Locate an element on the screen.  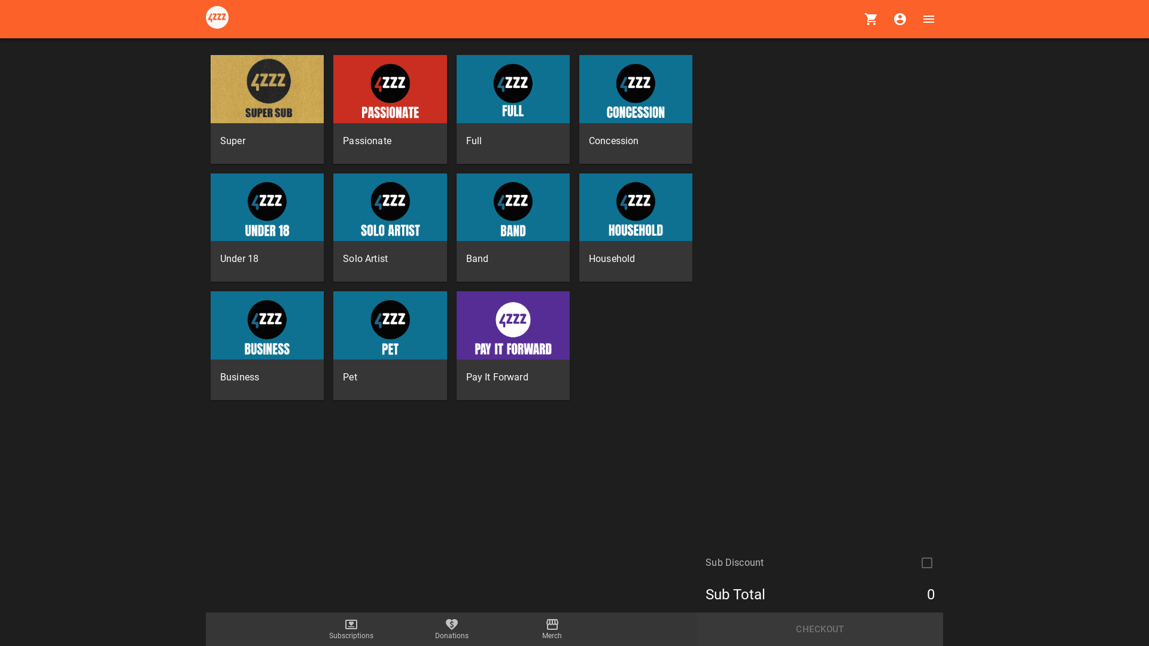
'Under 18' is located at coordinates (266, 228).